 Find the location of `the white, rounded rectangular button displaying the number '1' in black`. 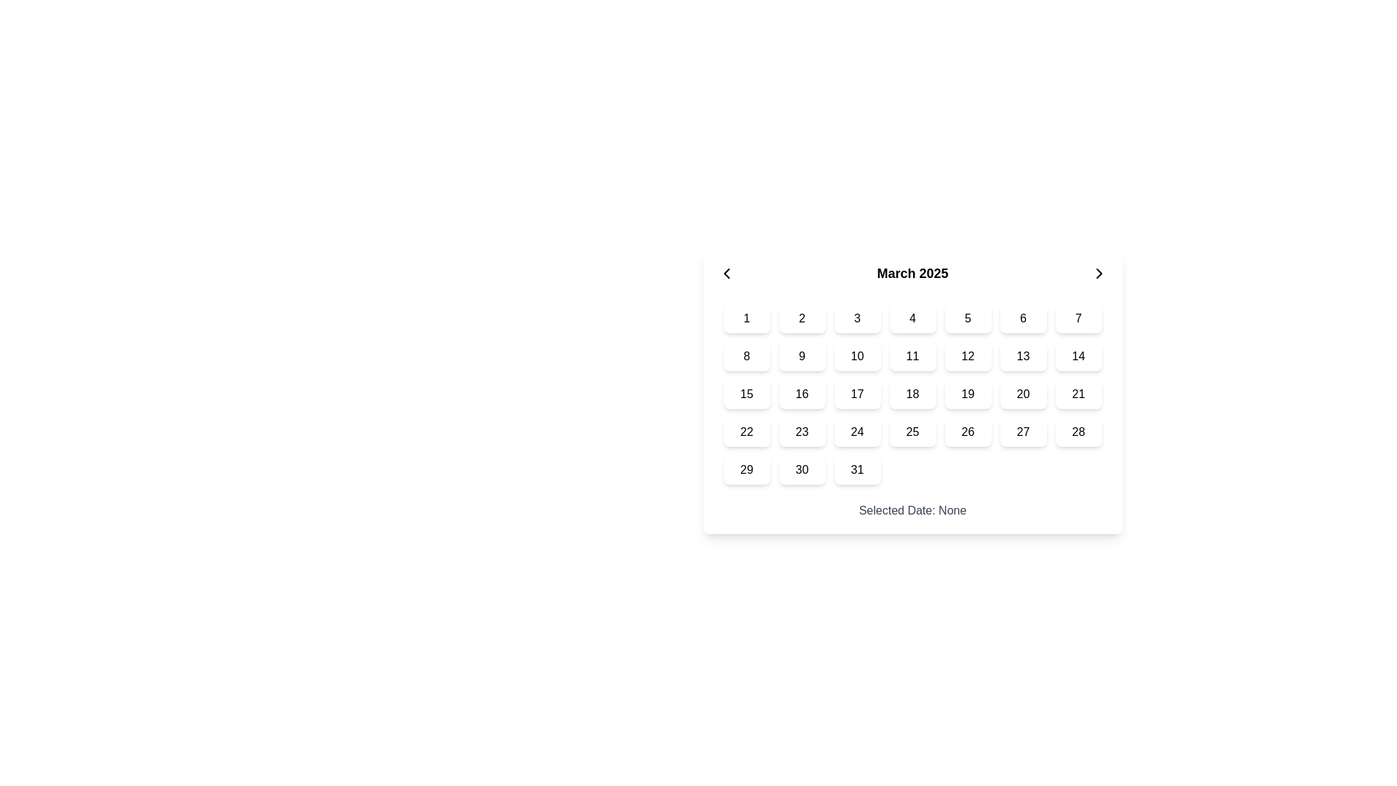

the white, rounded rectangular button displaying the number '1' in black is located at coordinates (747, 318).